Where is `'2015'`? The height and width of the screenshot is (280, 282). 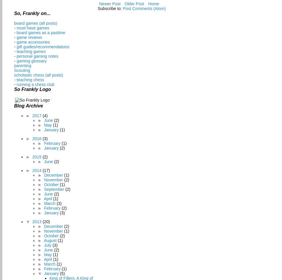 '2015' is located at coordinates (37, 157).